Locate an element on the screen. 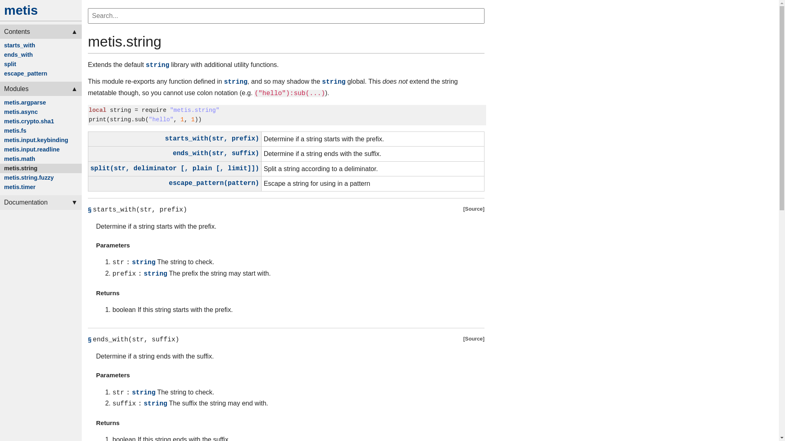  'string' is located at coordinates (144, 392).